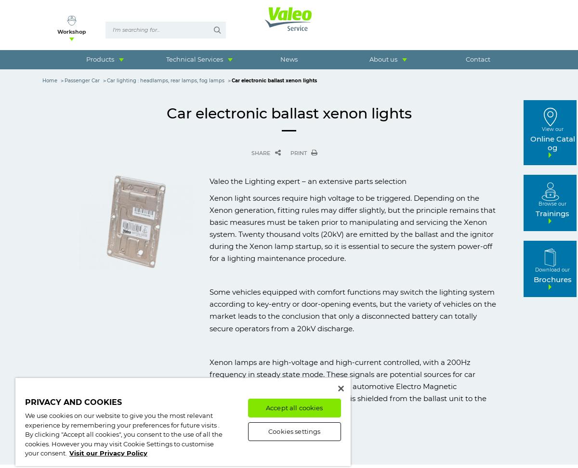 The height and width of the screenshot is (468, 578). I want to click on 'Online Training', so click(99, 85).